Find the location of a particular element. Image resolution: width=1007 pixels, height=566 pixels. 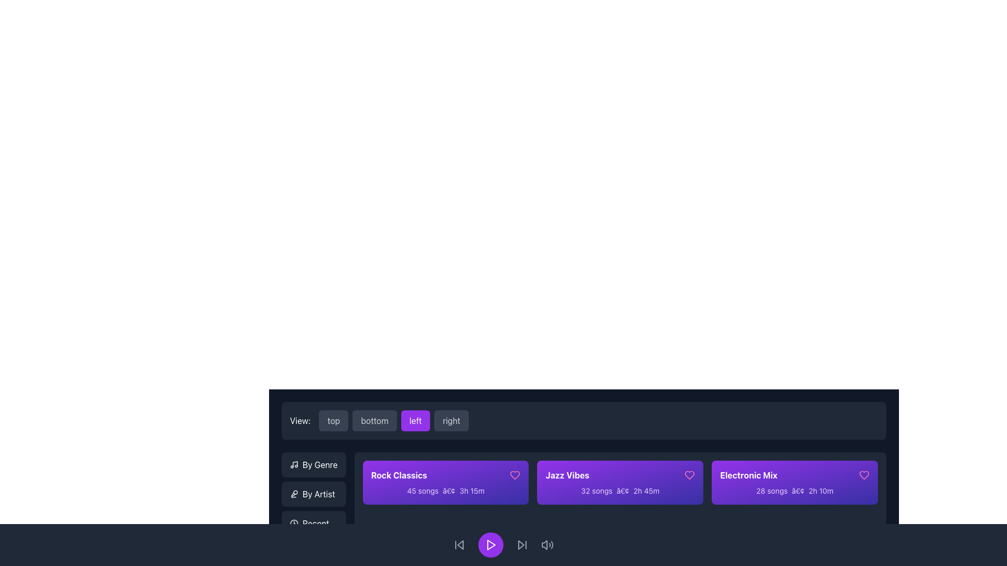

text displayed in the 'Jazz Vibes' playlist information block, which shows the number of songs included in the playlist is located at coordinates (596, 491).